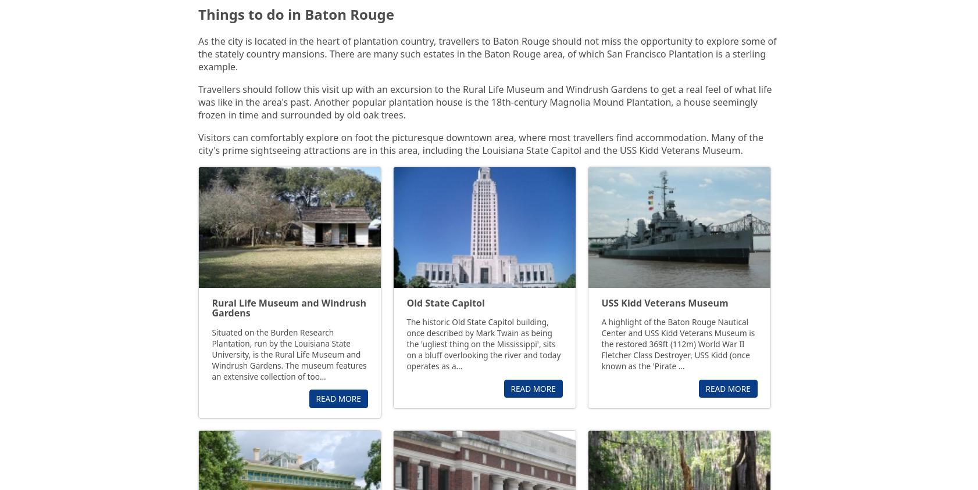 The height and width of the screenshot is (490, 978). I want to click on 'The historic Old State Capitol building, once described by Mark
Twain as being the 'ugliest thing on the Mississippi', sits on a
bluff overlooking the river and today operates as a…', so click(483, 344).